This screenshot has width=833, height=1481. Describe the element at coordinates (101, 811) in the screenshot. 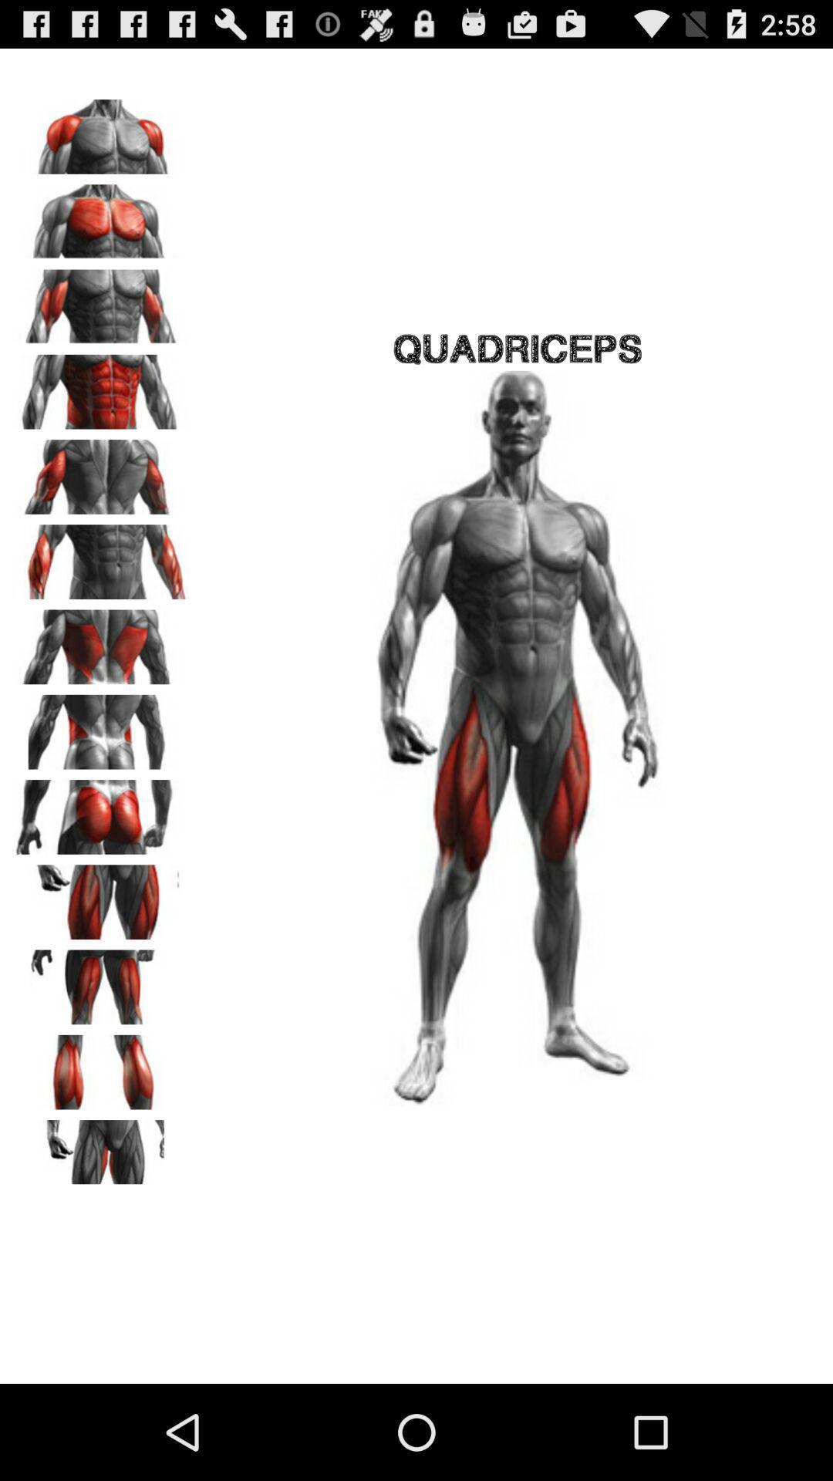

I see `workout selecting option` at that location.